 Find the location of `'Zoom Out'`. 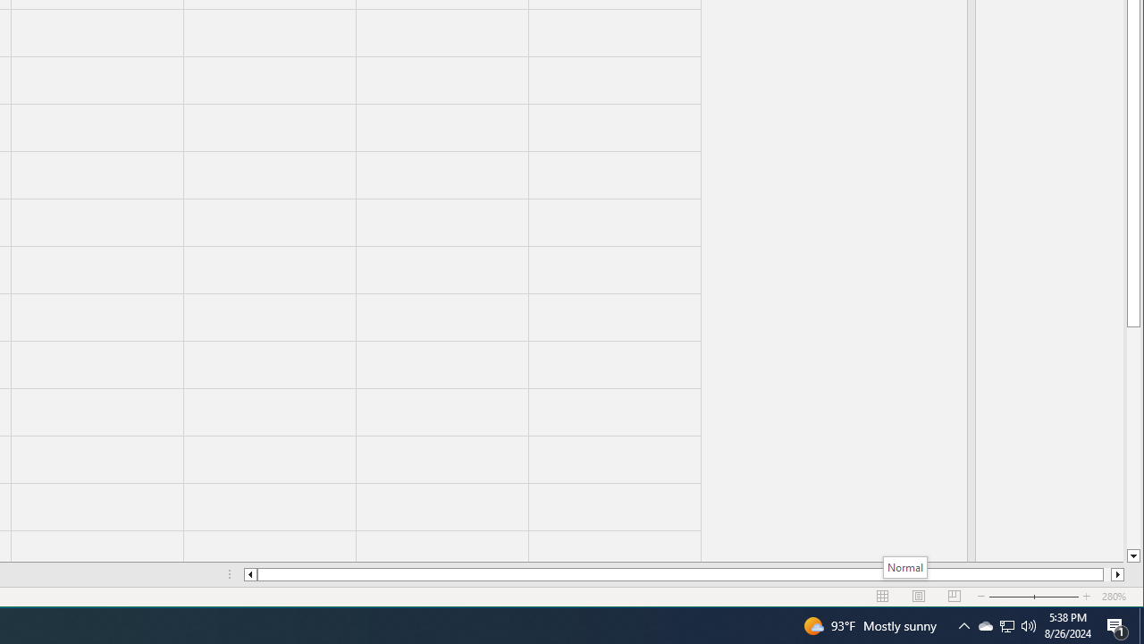

'Zoom Out' is located at coordinates (954, 597).